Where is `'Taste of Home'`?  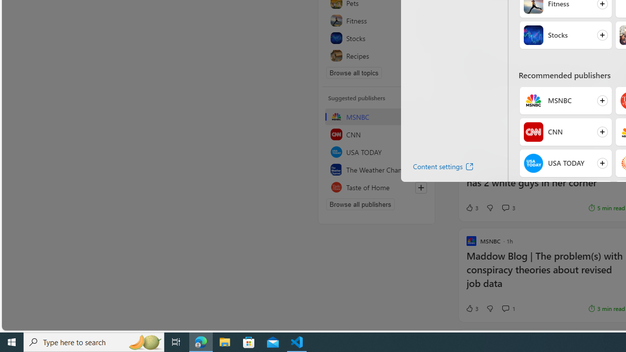
'Taste of Home' is located at coordinates (376, 187).